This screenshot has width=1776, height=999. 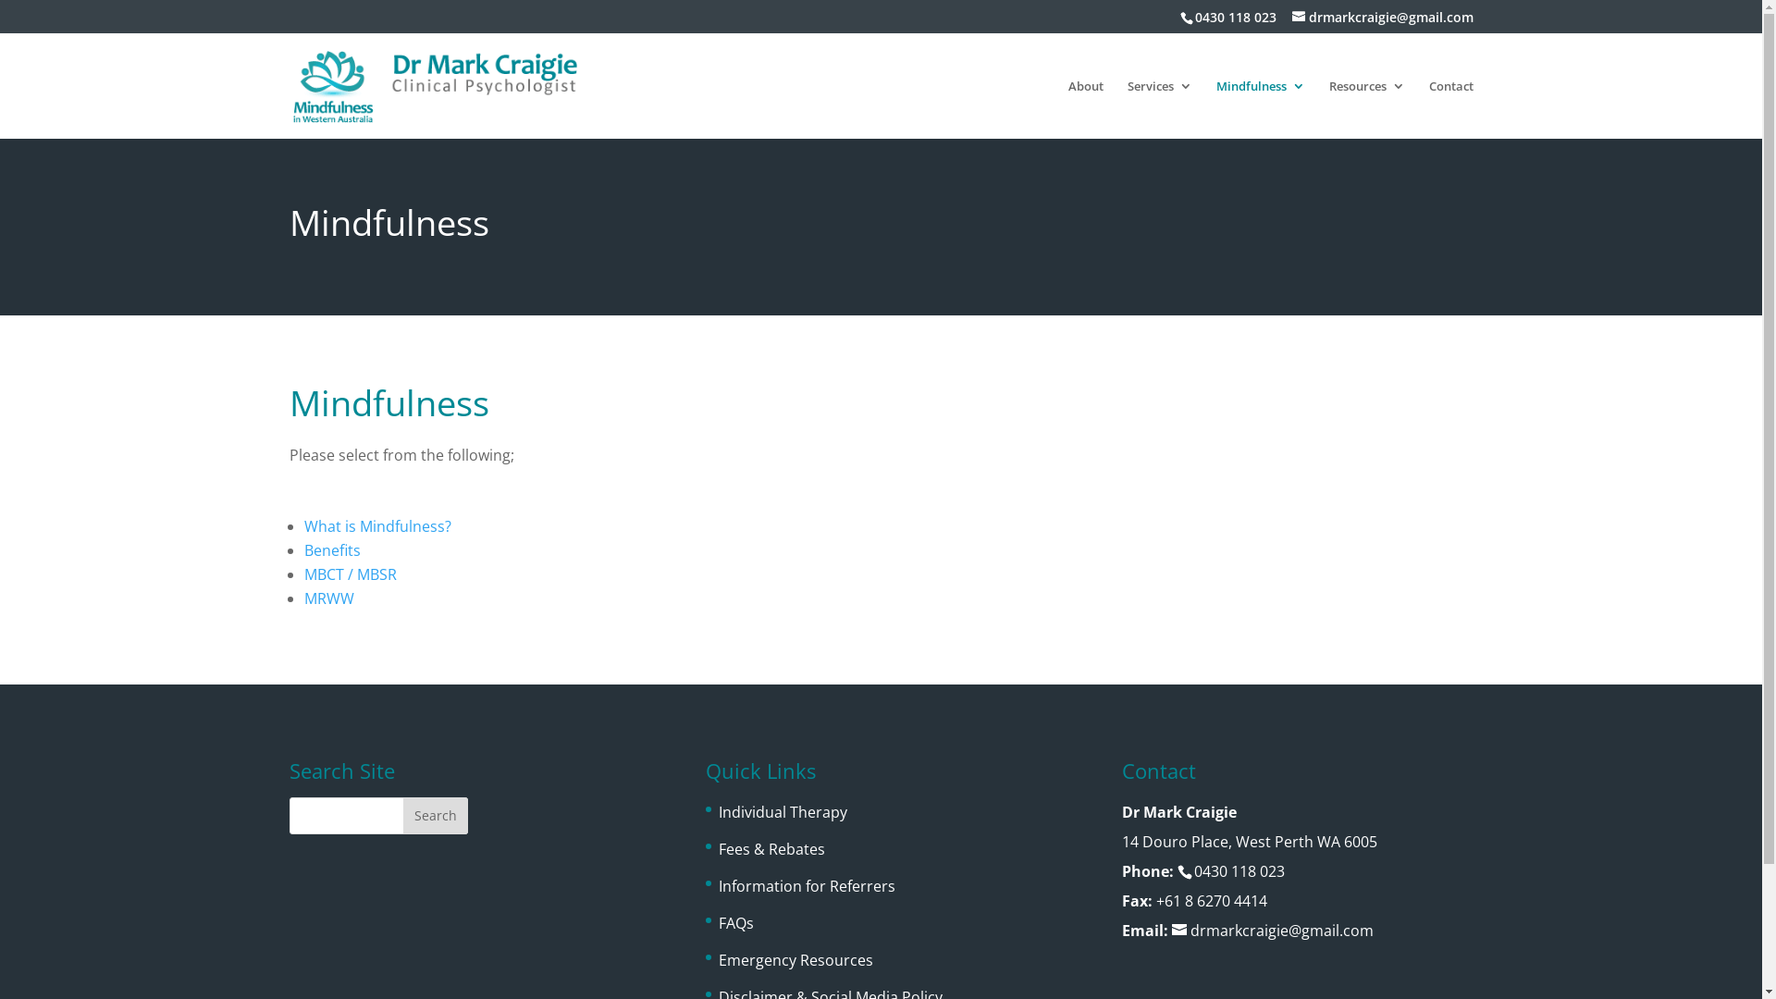 I want to click on 'MRWW', so click(x=328, y=598).